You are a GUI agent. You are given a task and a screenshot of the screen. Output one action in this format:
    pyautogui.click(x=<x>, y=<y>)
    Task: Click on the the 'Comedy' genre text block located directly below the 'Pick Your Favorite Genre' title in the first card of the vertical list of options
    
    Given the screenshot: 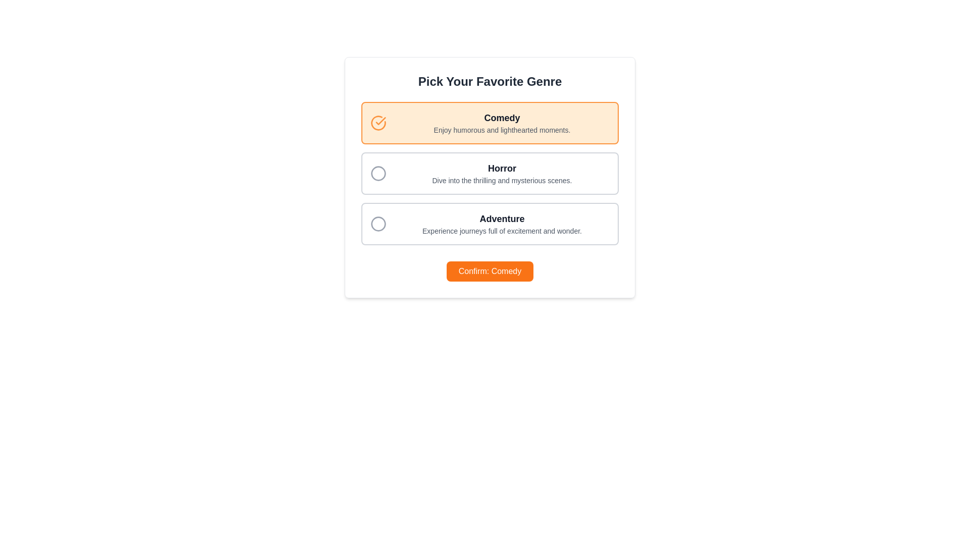 What is the action you would take?
    pyautogui.click(x=502, y=122)
    